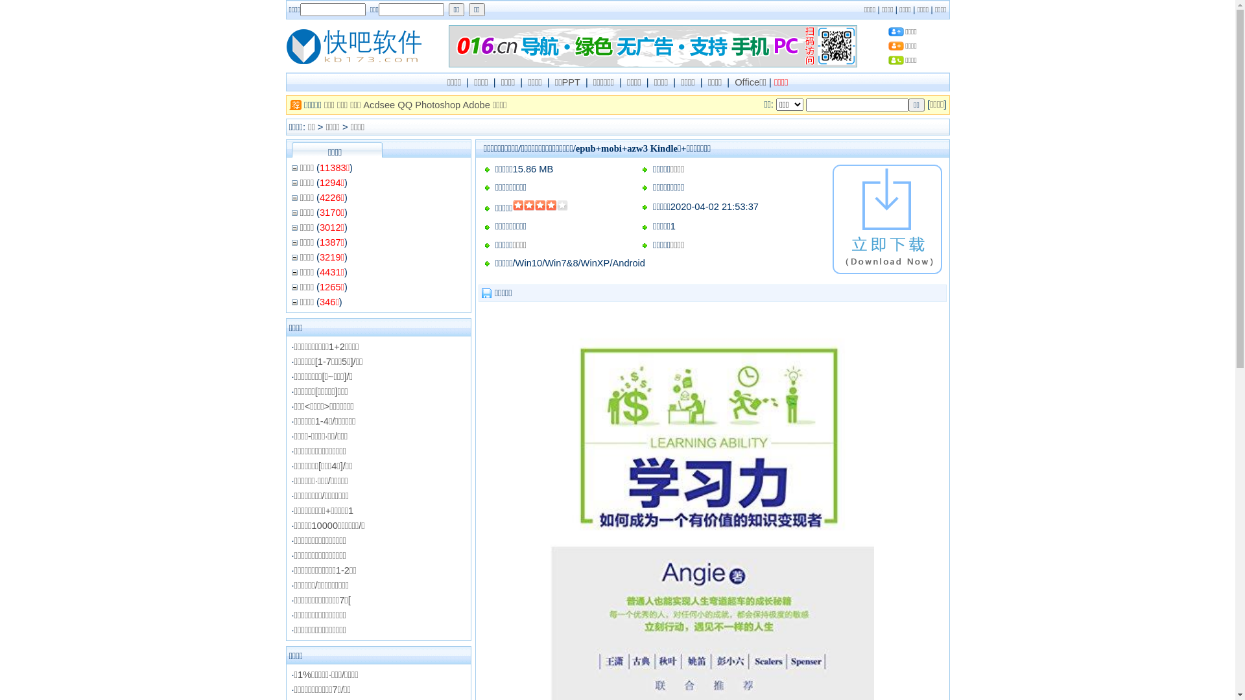  What do you see at coordinates (378, 104) in the screenshot?
I see `'Acdsee'` at bounding box center [378, 104].